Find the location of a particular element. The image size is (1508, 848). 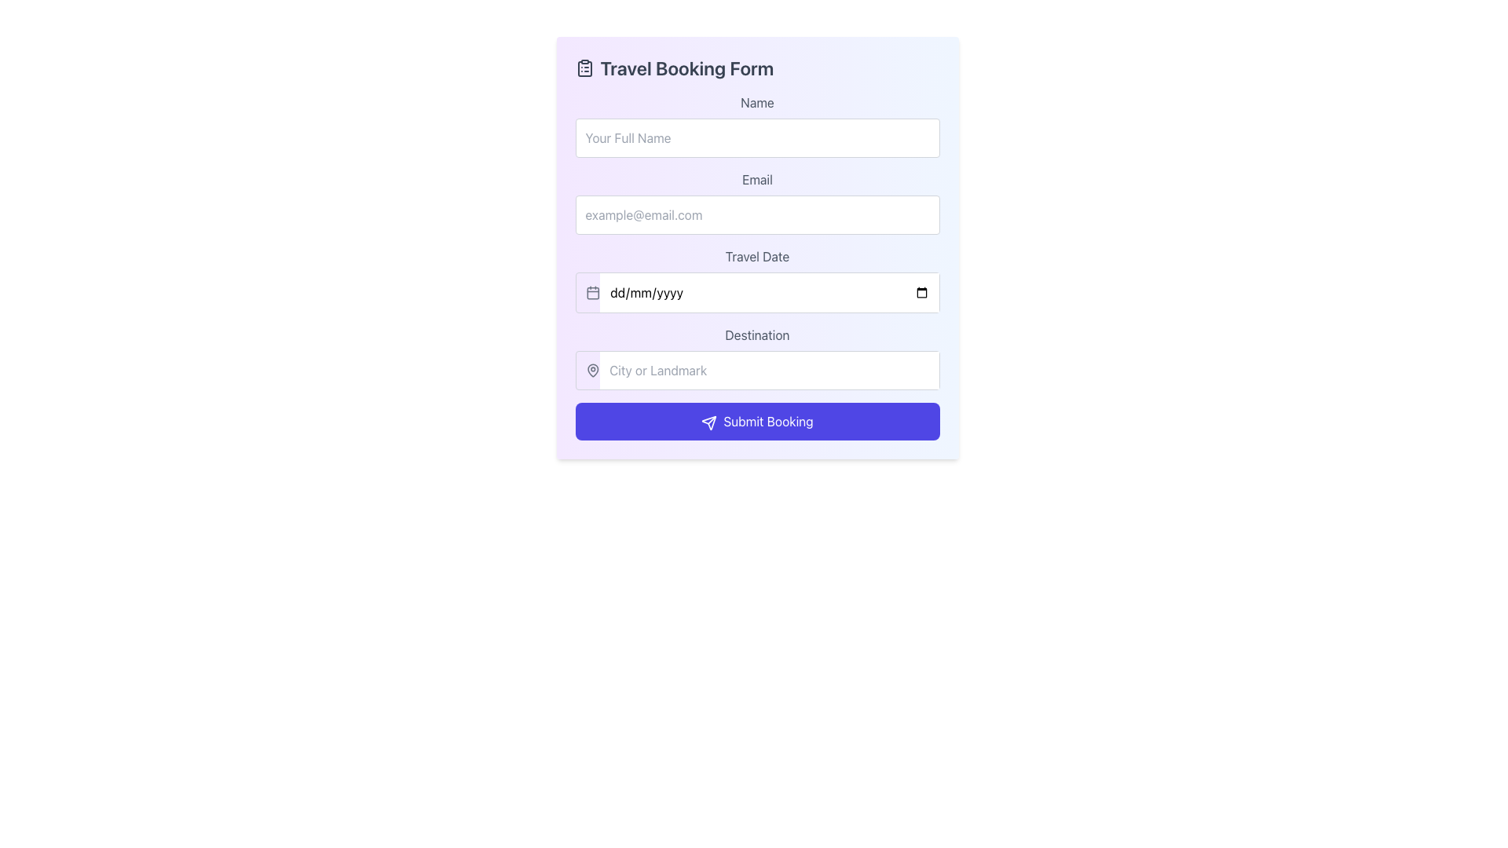

the informational header text element located at the top of the travel booking form, which provides the title of the form to users is located at coordinates (757, 68).